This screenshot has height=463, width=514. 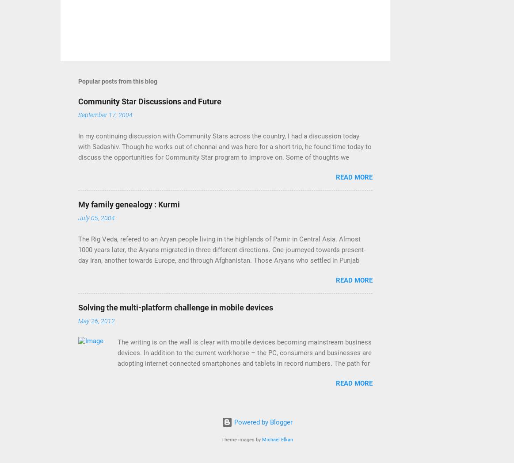 What do you see at coordinates (128, 204) in the screenshot?
I see `'My family genealogy : Kurmi'` at bounding box center [128, 204].